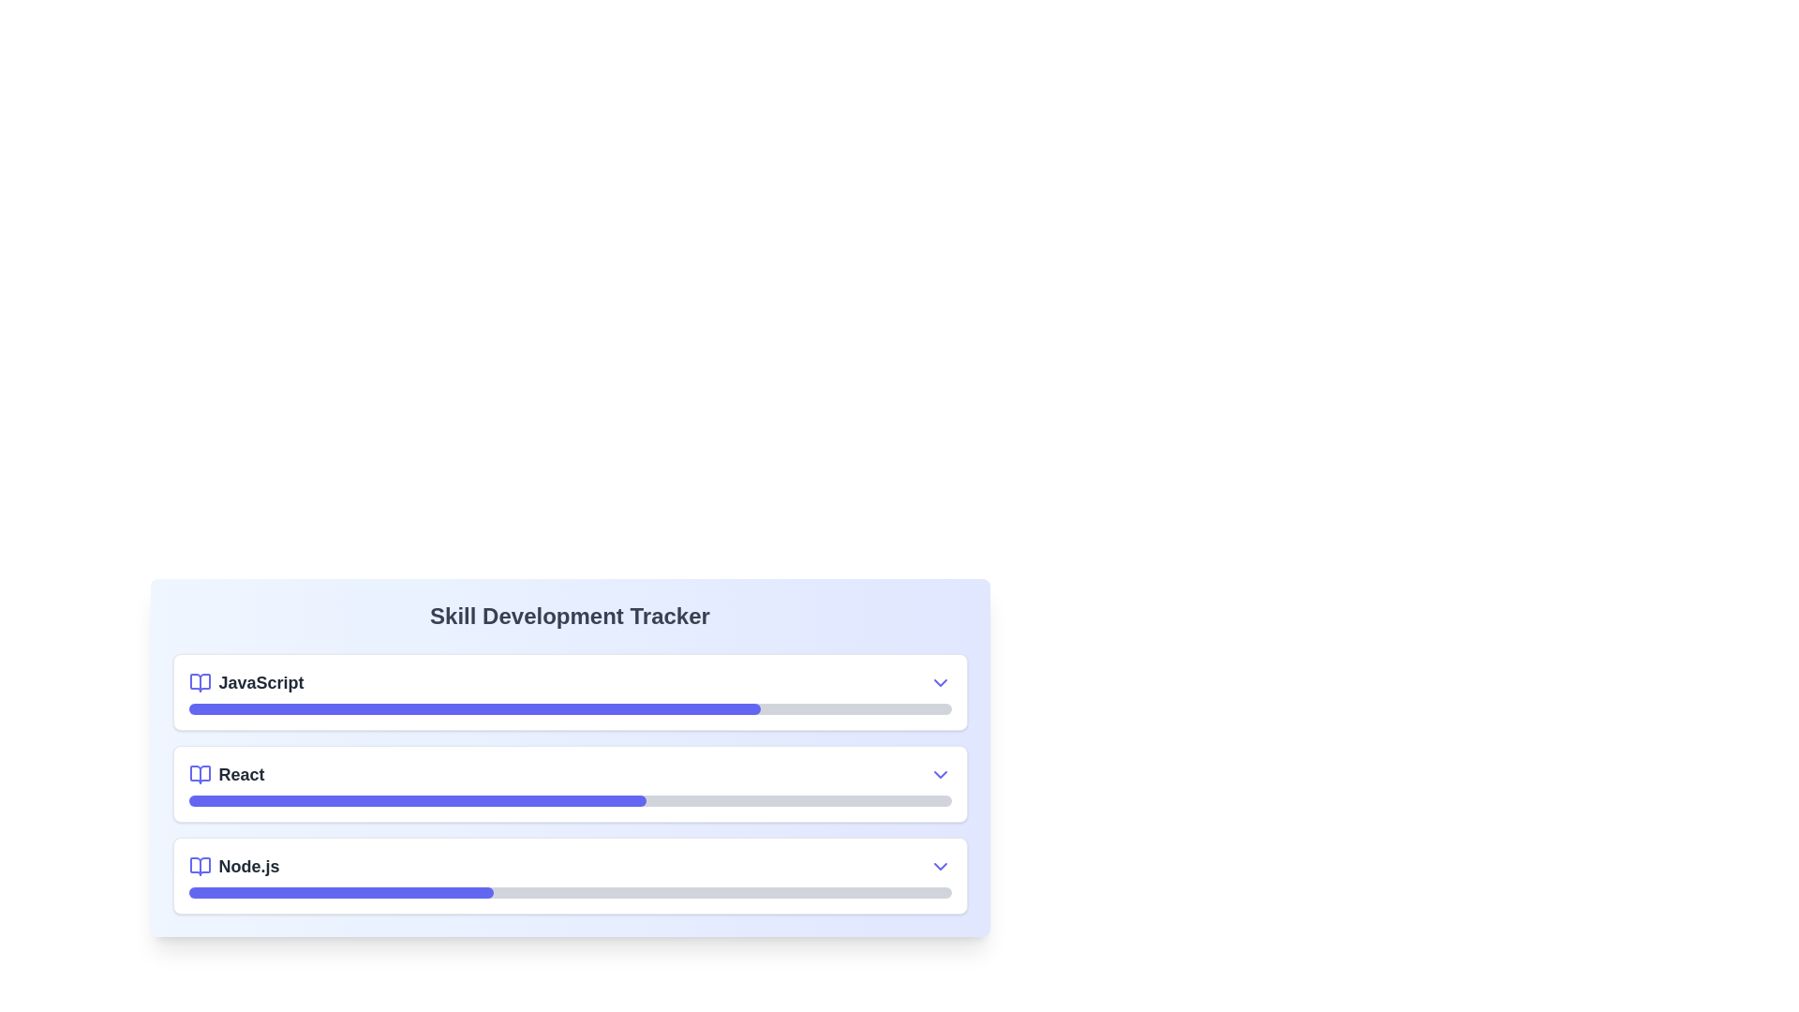 The width and height of the screenshot is (1799, 1012). What do you see at coordinates (431, 801) in the screenshot?
I see `the progress of the bar` at bounding box center [431, 801].